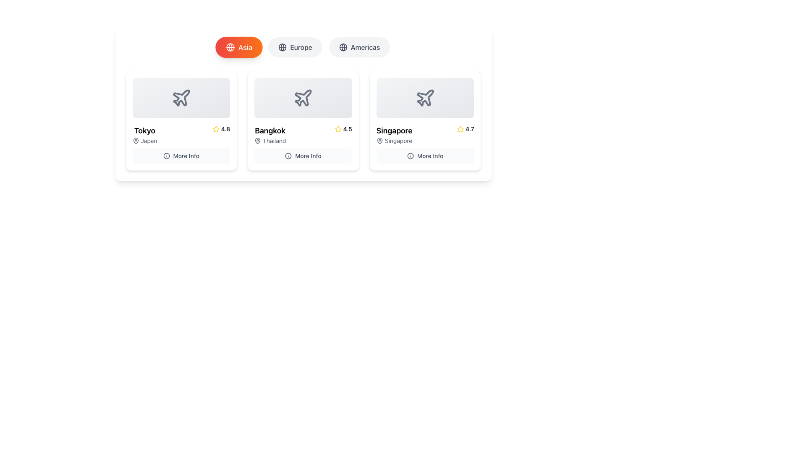  I want to click on text from the 'Americas' label, which is part of the menu header containing region names and is the third item in the sequence of tabs, so click(365, 47).